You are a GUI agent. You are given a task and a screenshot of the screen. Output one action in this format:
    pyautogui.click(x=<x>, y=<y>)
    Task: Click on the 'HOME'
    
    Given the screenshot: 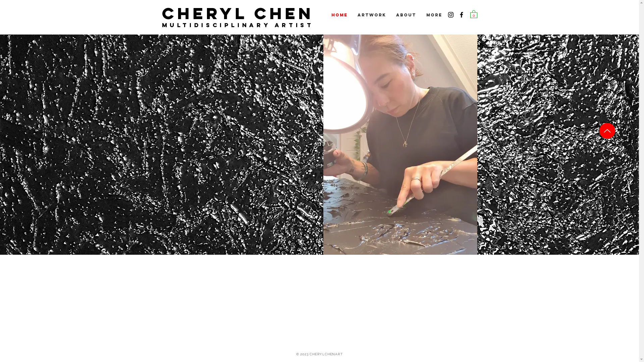 What is the action you would take?
    pyautogui.click(x=339, y=15)
    